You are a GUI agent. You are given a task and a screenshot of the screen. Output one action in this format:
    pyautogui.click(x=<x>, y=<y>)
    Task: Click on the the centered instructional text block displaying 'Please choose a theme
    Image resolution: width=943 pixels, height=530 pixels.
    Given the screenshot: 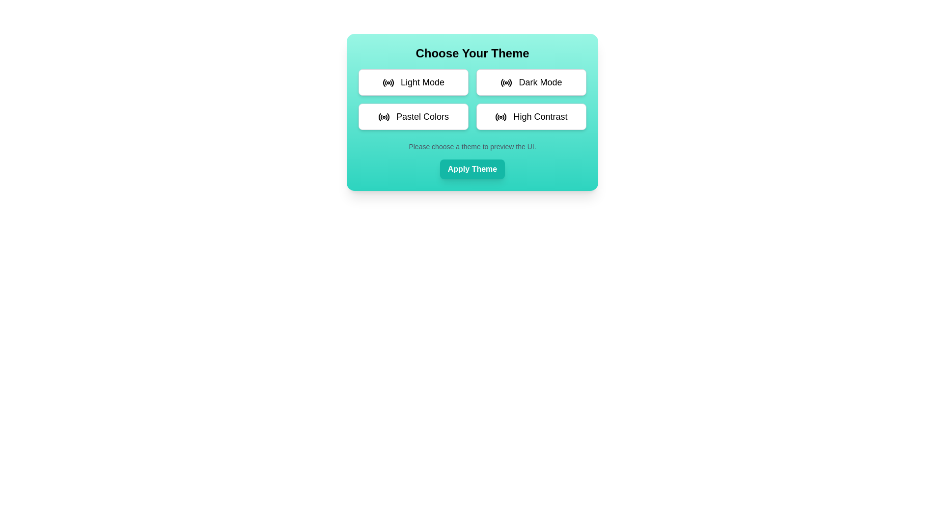 What is the action you would take?
    pyautogui.click(x=472, y=147)
    